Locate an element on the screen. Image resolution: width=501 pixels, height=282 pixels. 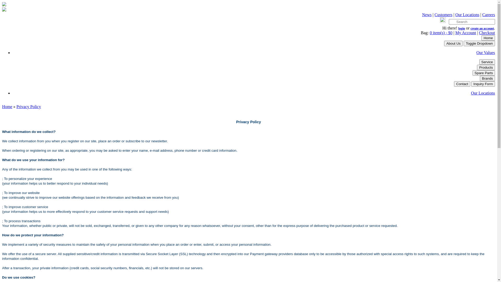
'Our Locations' is located at coordinates (471, 93).